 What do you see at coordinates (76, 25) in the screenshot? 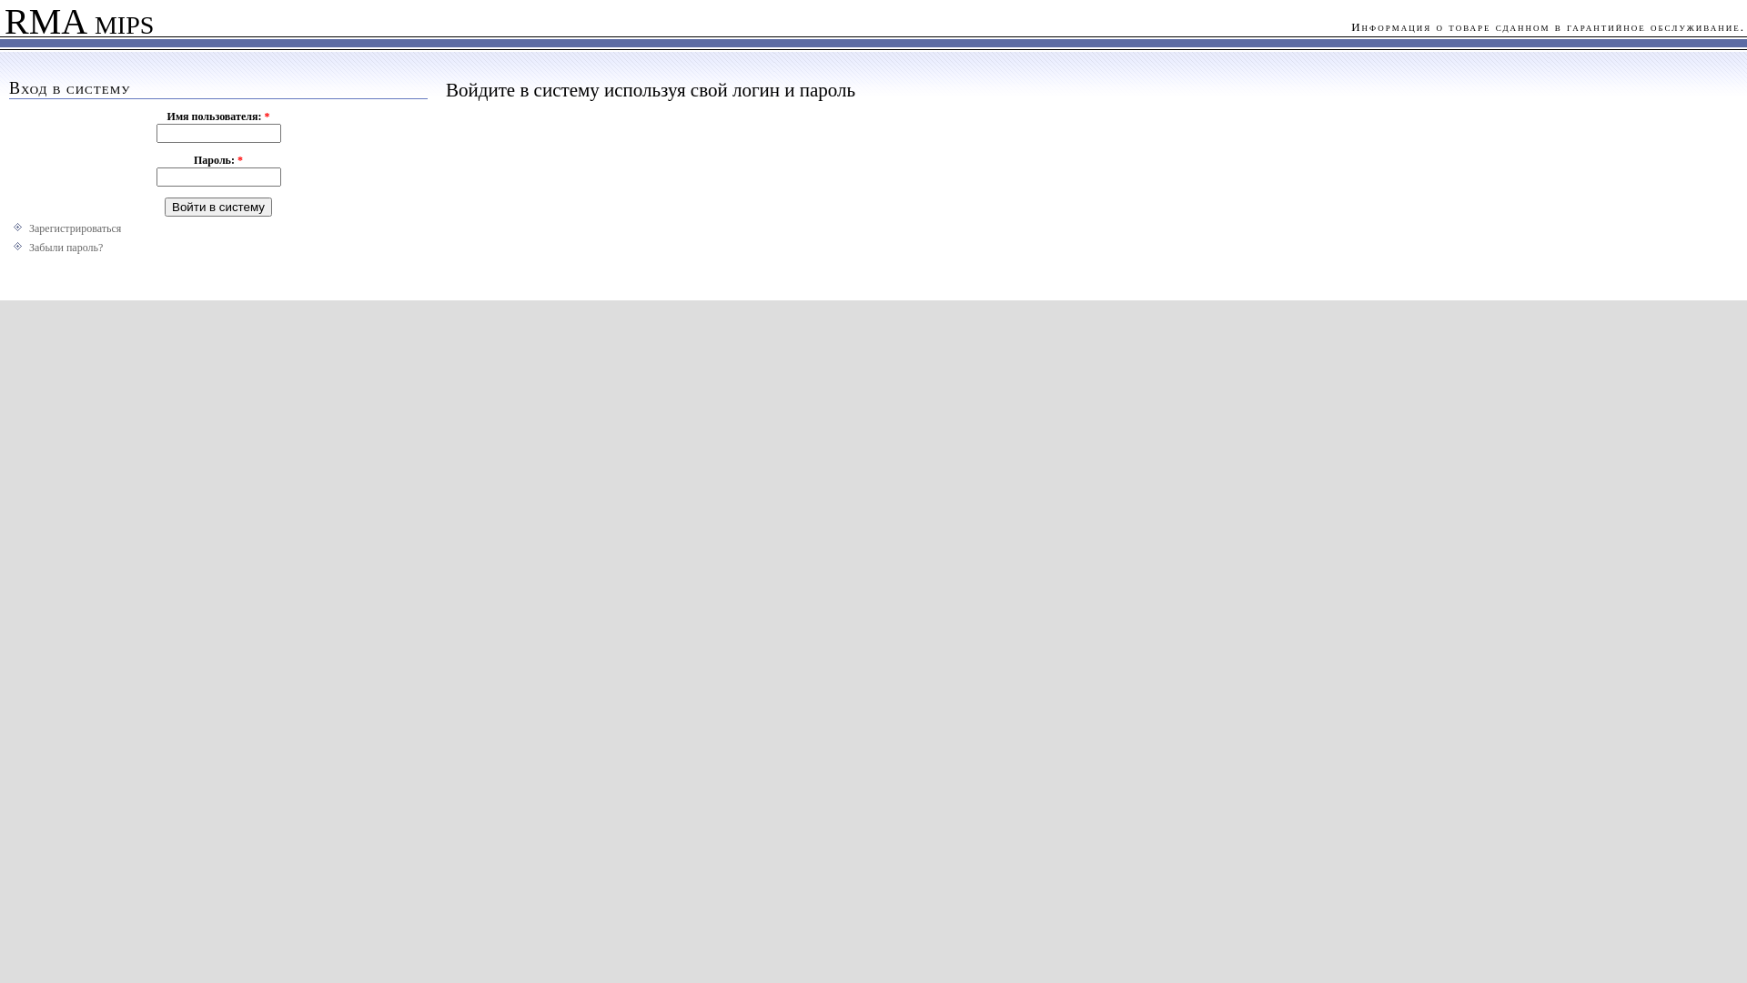
I see `'RMA mips'` at bounding box center [76, 25].